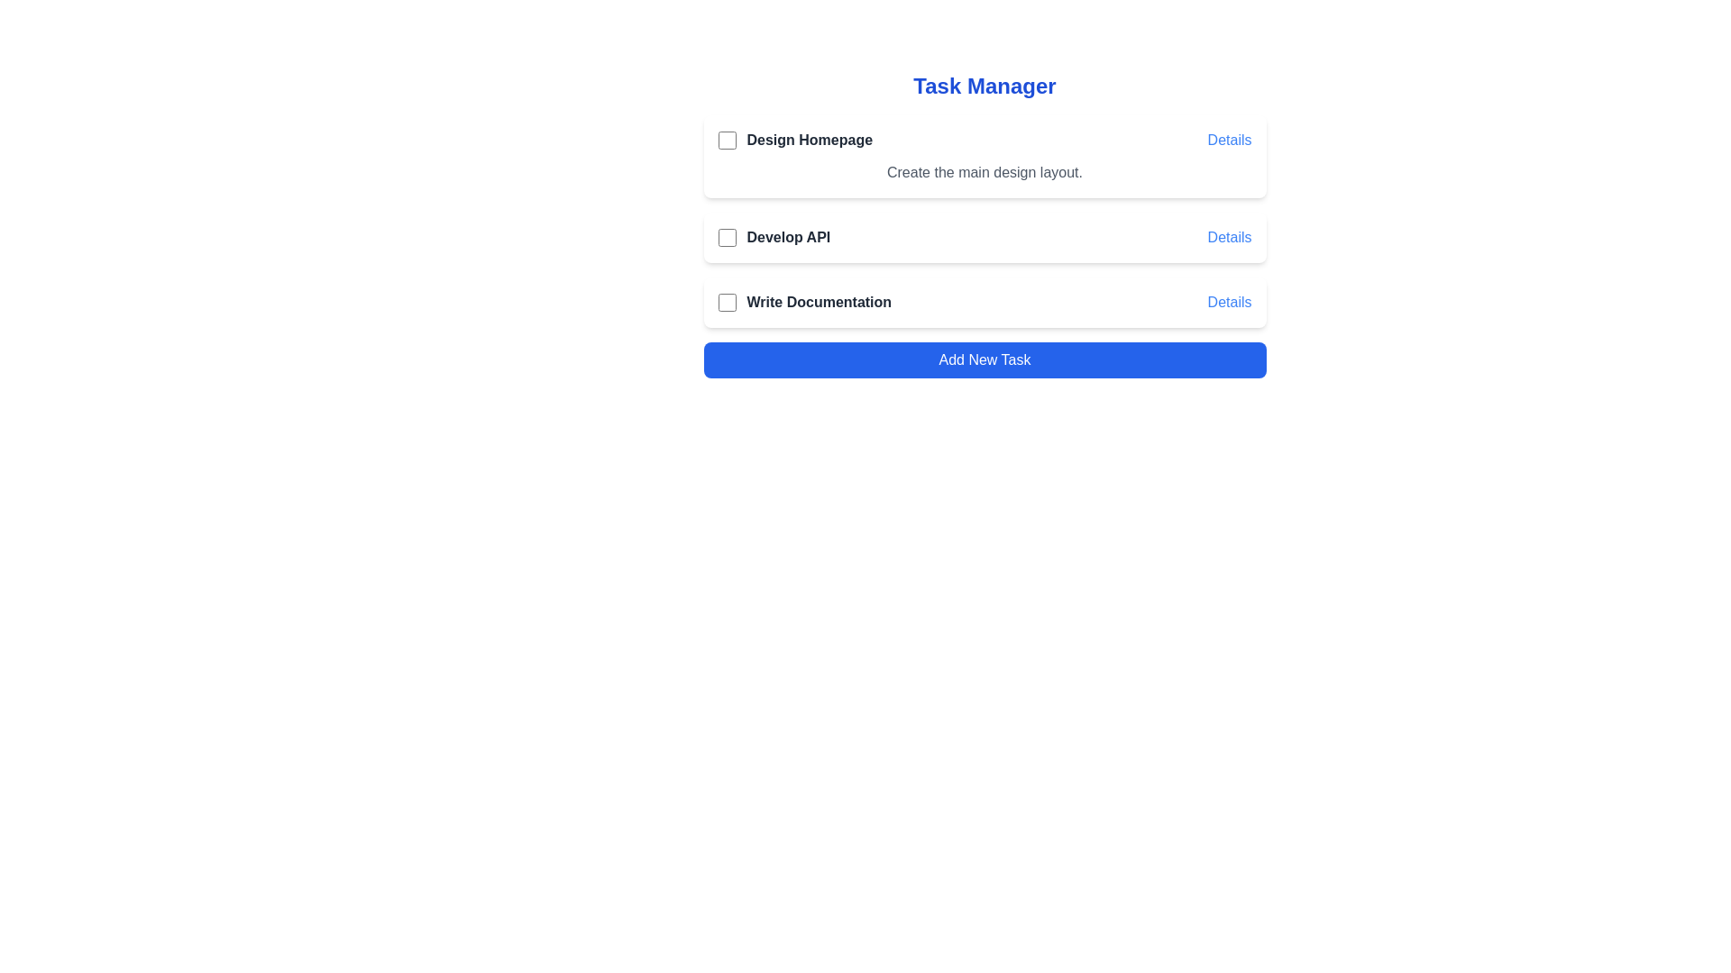 The height and width of the screenshot is (973, 1731). I want to click on the checkbox for the task 'Develop API' to mark it as completed, so click(727, 236).